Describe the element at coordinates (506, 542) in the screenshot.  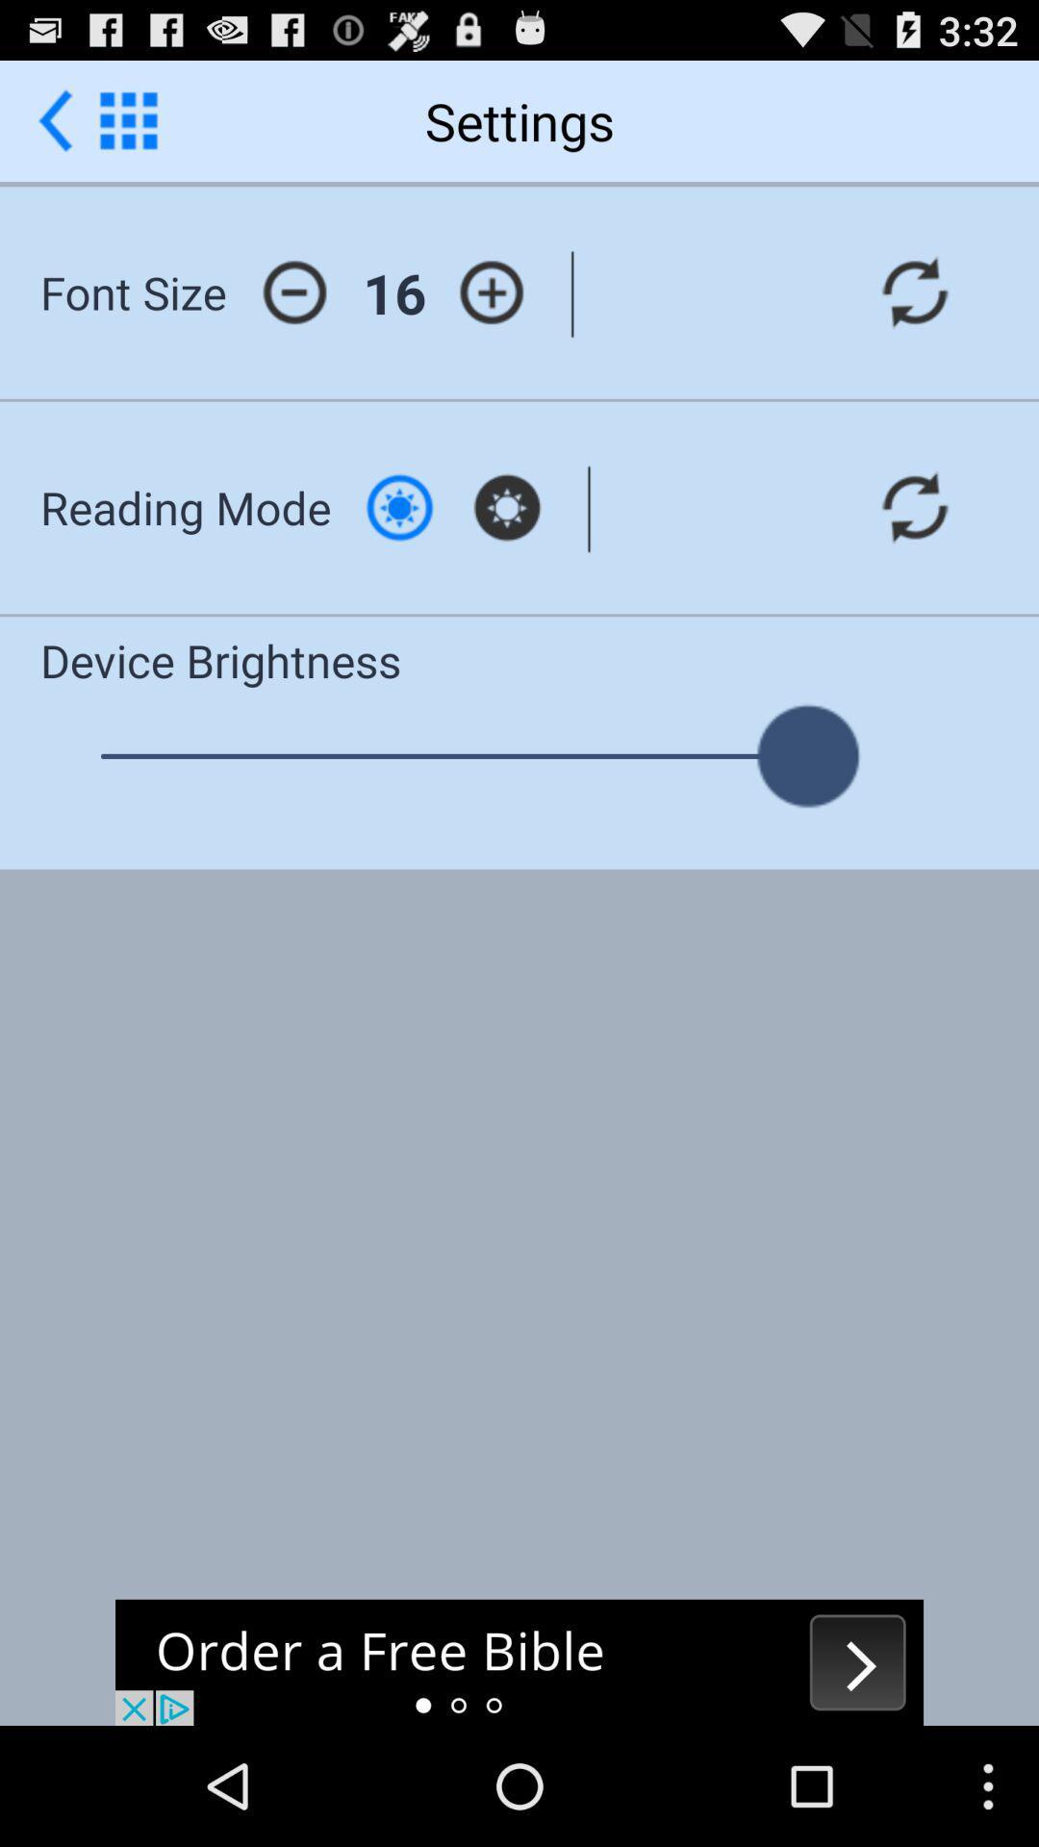
I see `the star icon` at that location.